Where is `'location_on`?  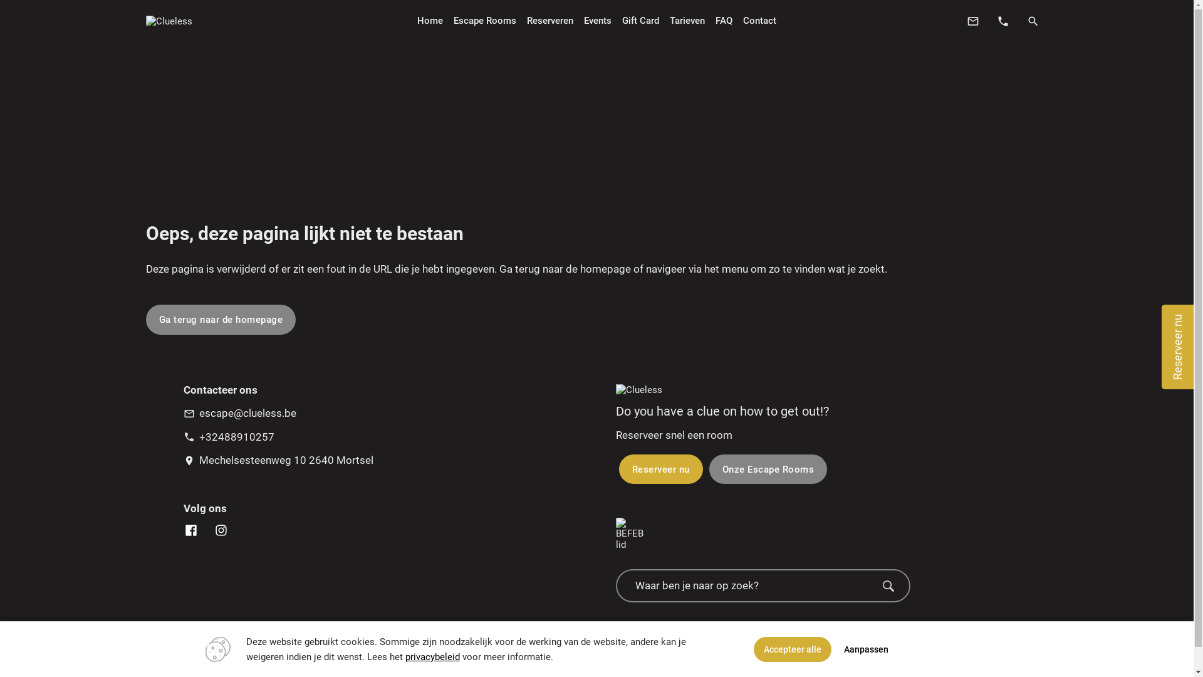
'location_on is located at coordinates (277, 463).